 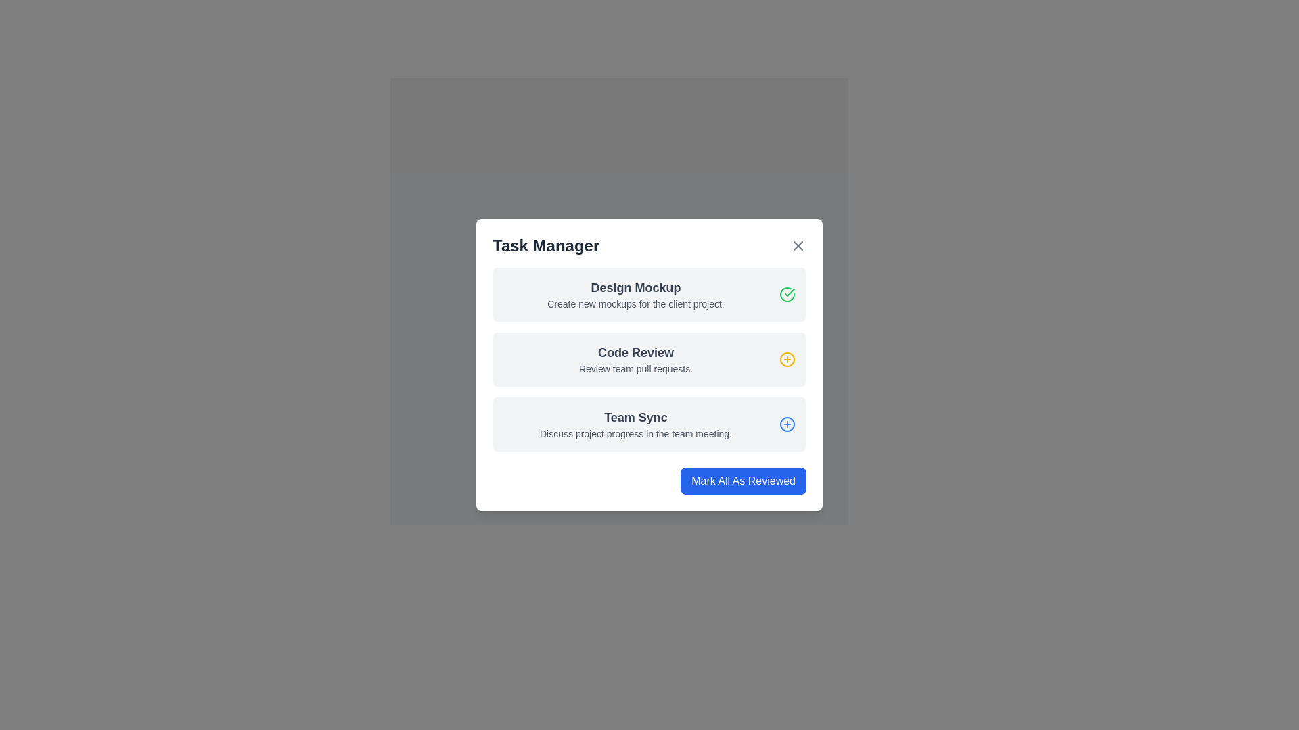 What do you see at coordinates (798, 245) in the screenshot?
I see `the small square-shaped button containing the cross icon located at the top-right corner of the modal for keyboard navigation` at bounding box center [798, 245].